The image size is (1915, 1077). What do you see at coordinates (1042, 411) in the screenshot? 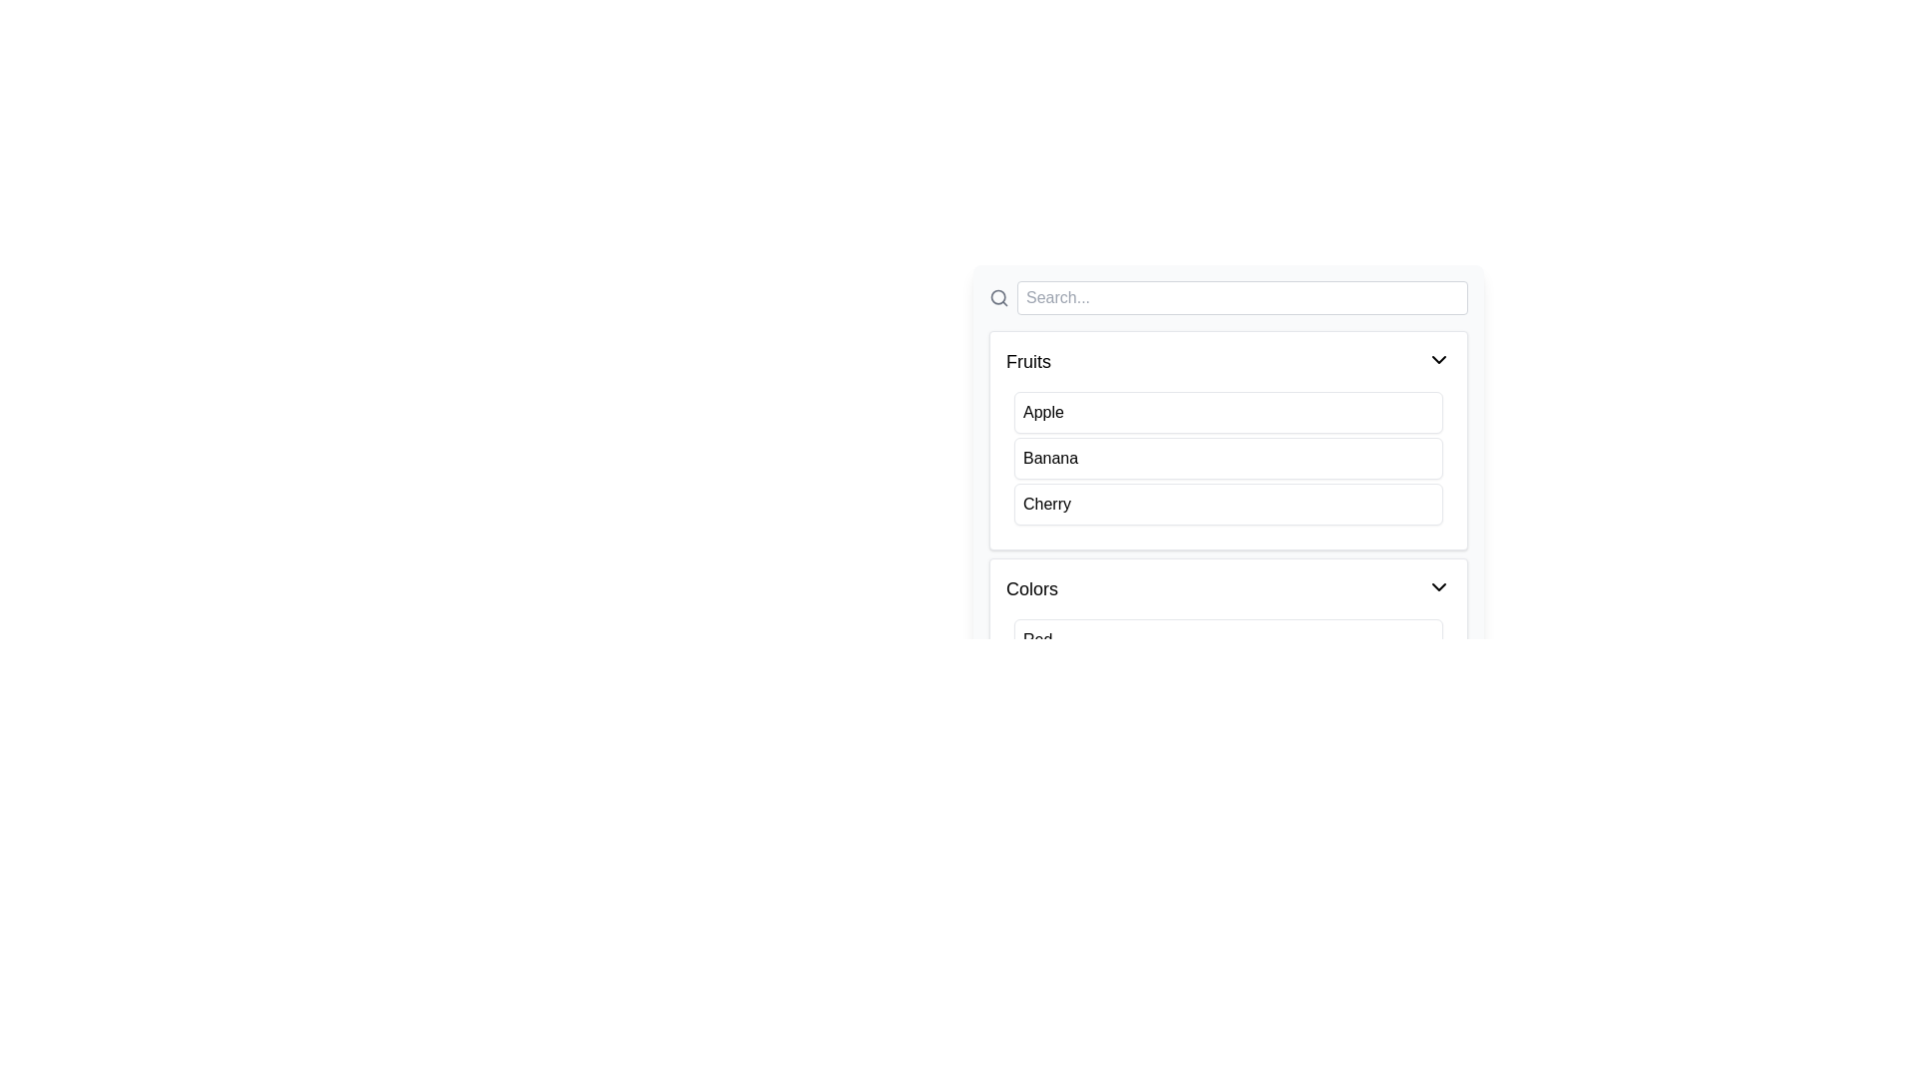
I see `the 'Apple' text label, which is the first item in the 'Fruits' section of the interface, displayed in black font and centered within its area` at bounding box center [1042, 411].